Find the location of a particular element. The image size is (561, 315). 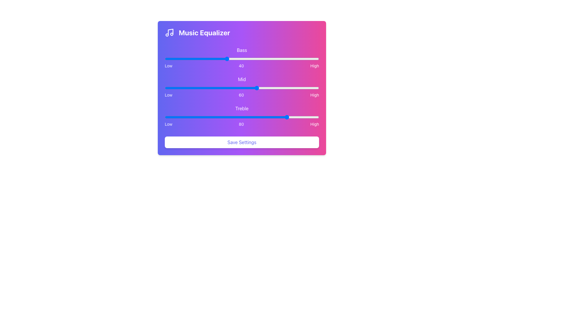

the 'Mid' slider is located at coordinates (299, 88).